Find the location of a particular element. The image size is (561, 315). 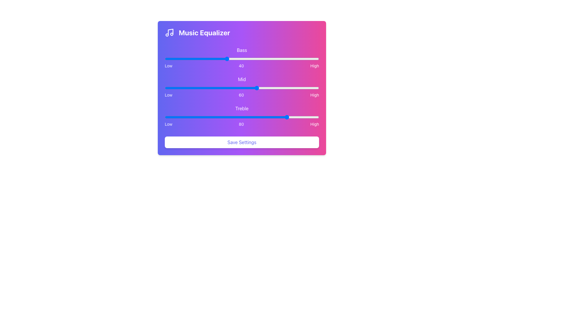

the 'Mid' slider is located at coordinates (299, 88).